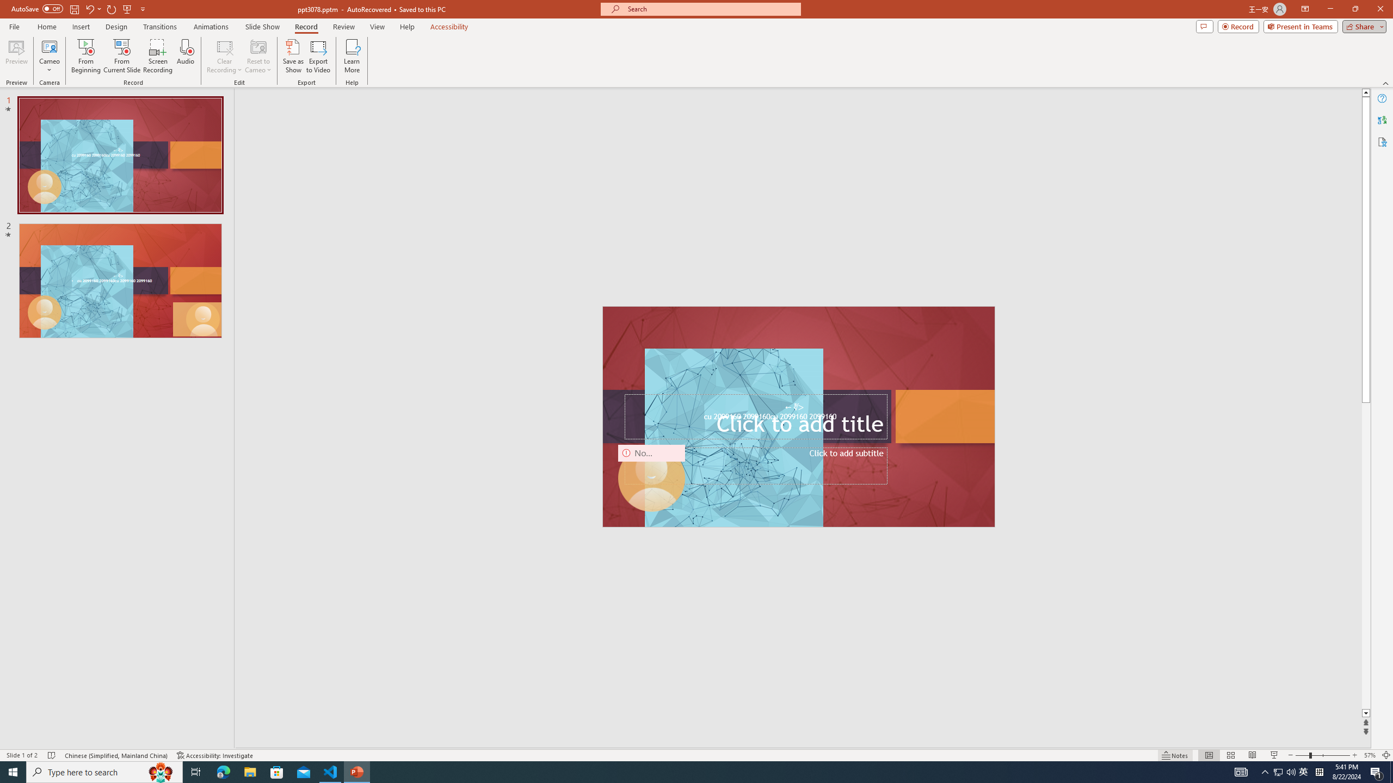 The image size is (1393, 783). What do you see at coordinates (652, 477) in the screenshot?
I see `'Camera 9, No camera detected.'` at bounding box center [652, 477].